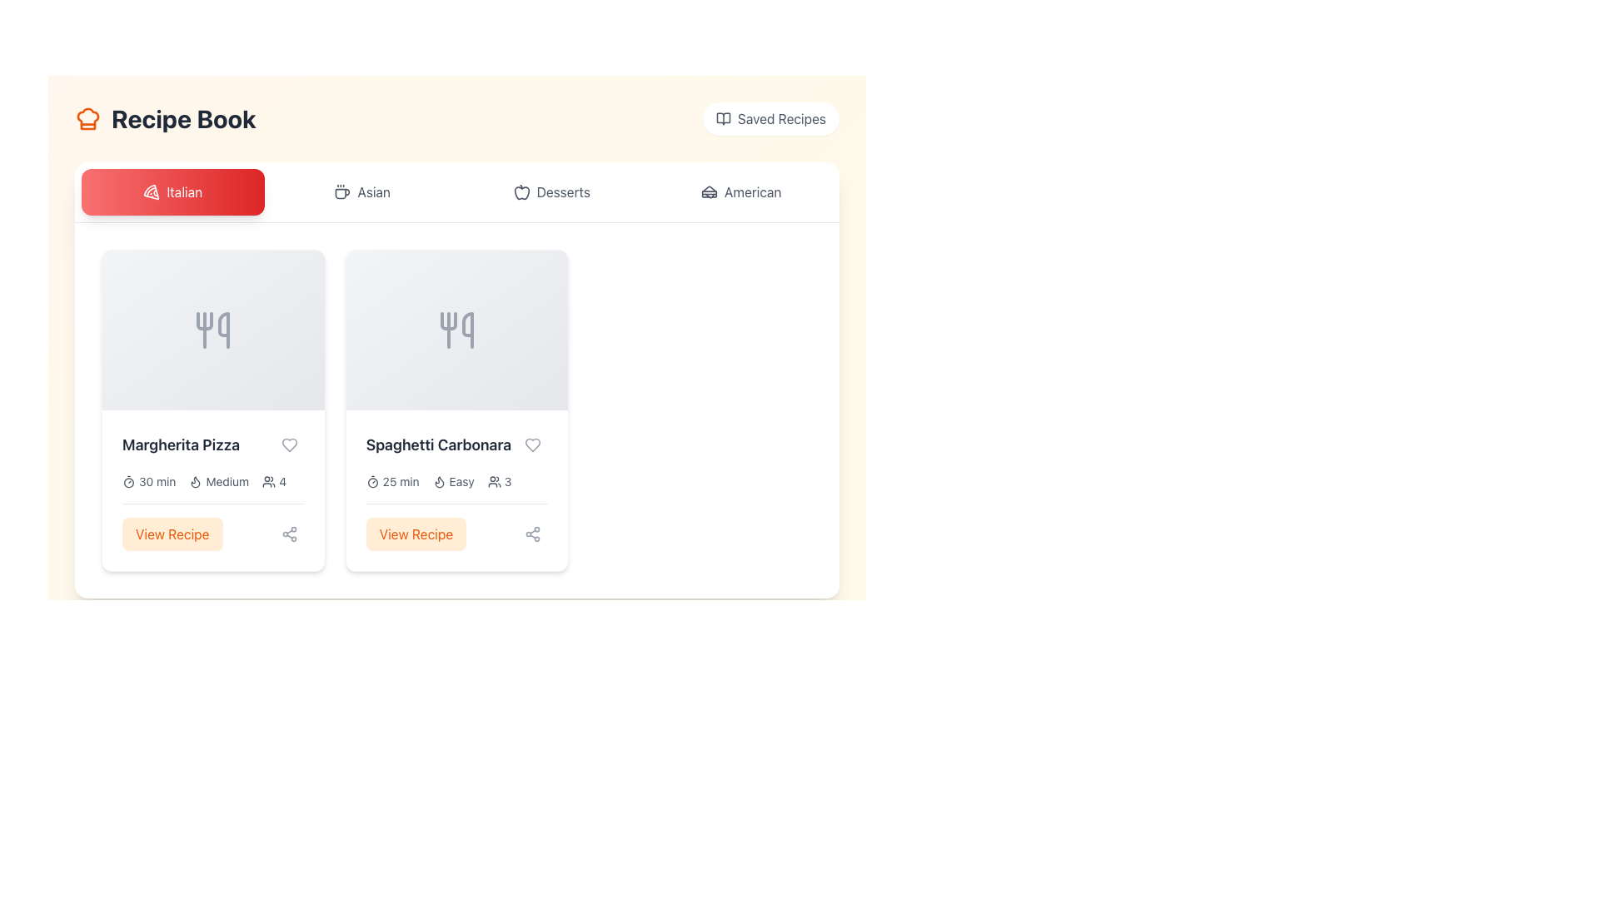  What do you see at coordinates (740, 191) in the screenshot?
I see `the 'American' menu item button with a sandwich icon` at bounding box center [740, 191].